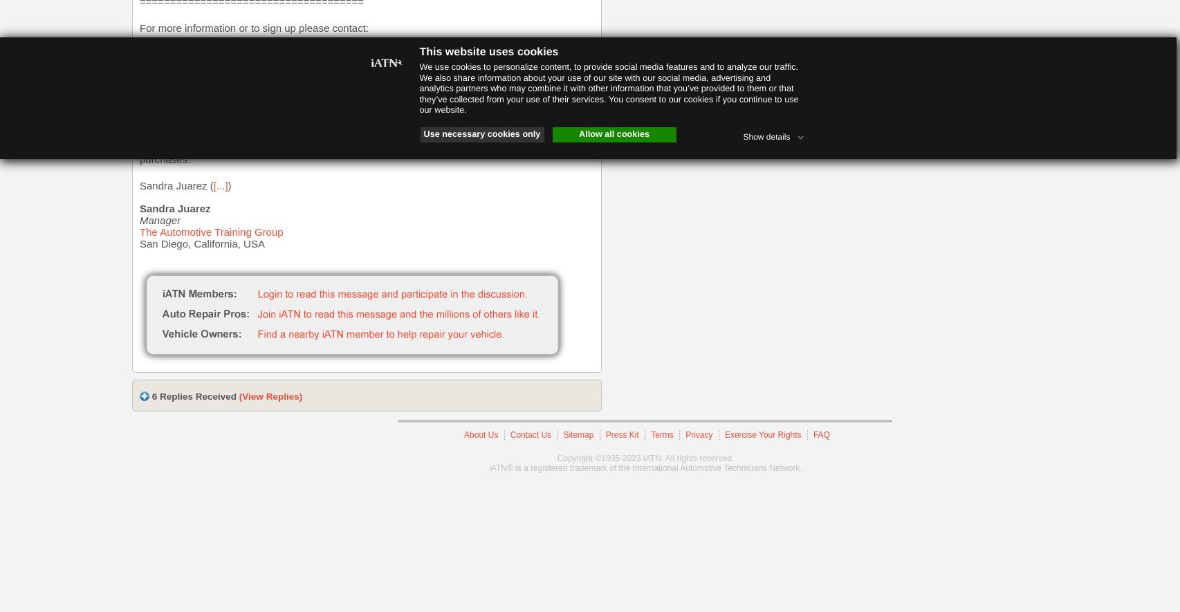  I want to click on 'Sitemap', so click(562, 434).